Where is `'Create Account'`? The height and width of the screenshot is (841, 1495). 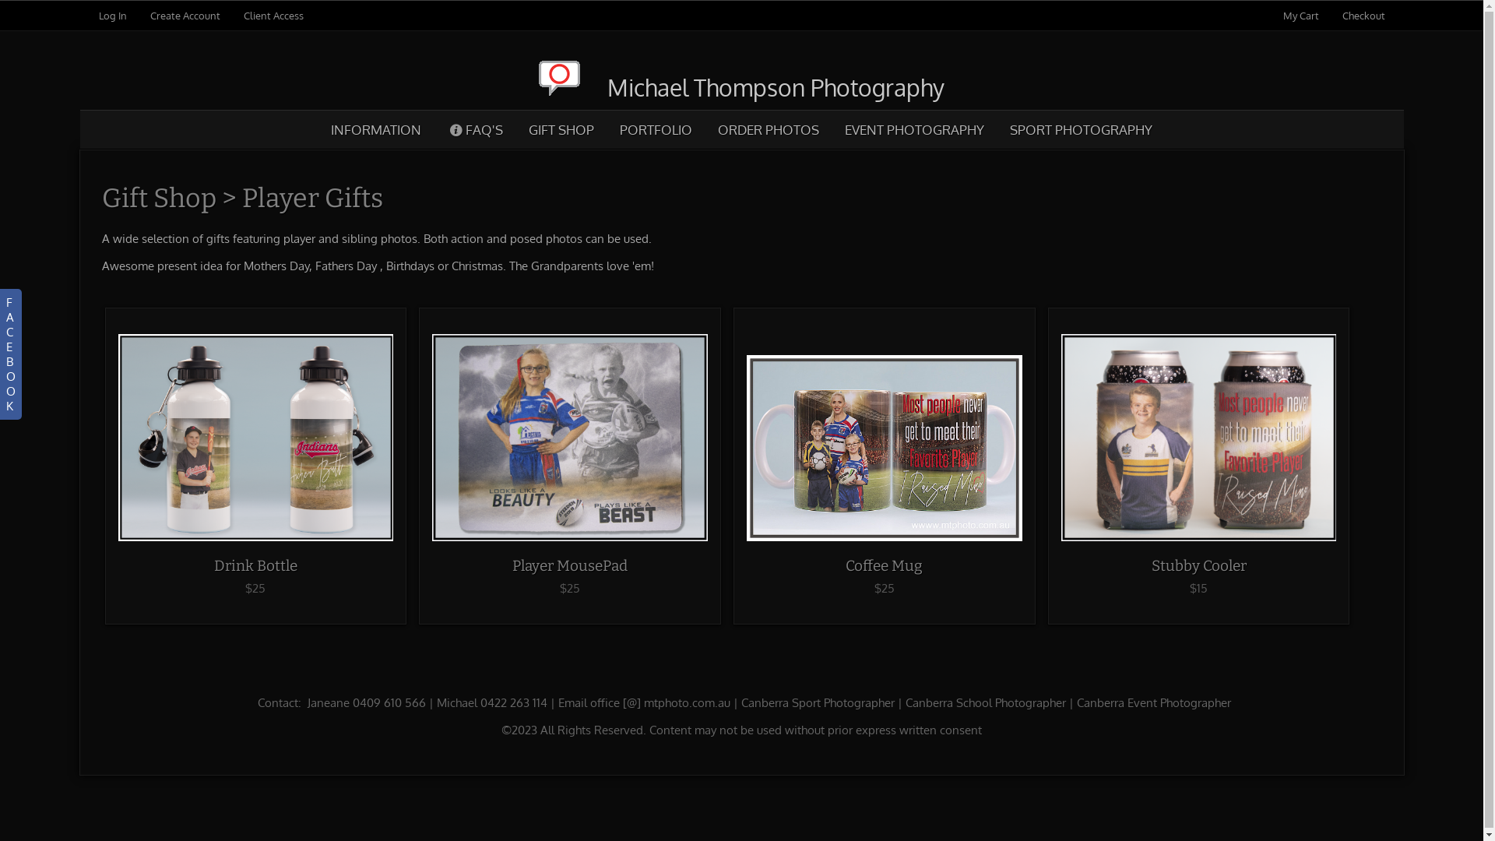
'Create Account' is located at coordinates (184, 15).